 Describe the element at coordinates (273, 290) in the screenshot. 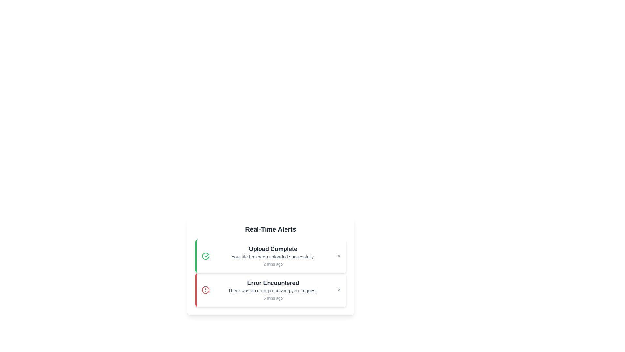

I see `message stating 'There was an error processing your request.' which is styled in a small-sized, gray-colored font, located under the title 'Error Encountered.'` at that location.